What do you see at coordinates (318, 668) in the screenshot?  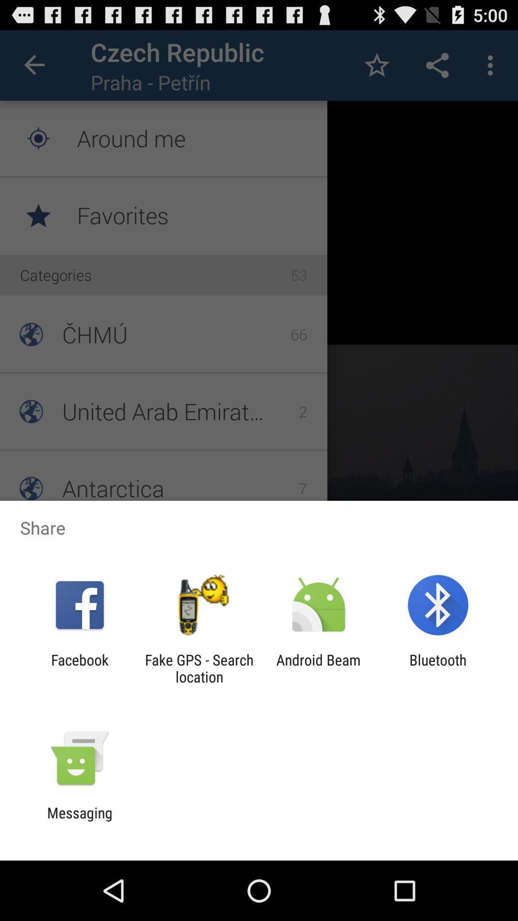 I see `the app to the right of the fake gps search item` at bounding box center [318, 668].